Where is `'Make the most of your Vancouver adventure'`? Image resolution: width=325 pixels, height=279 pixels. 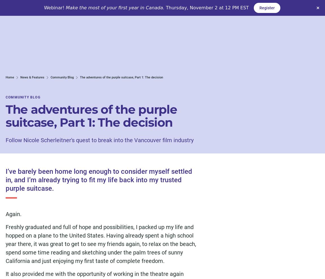
'Make the most of your Vancouver adventure' is located at coordinates (56, 237).